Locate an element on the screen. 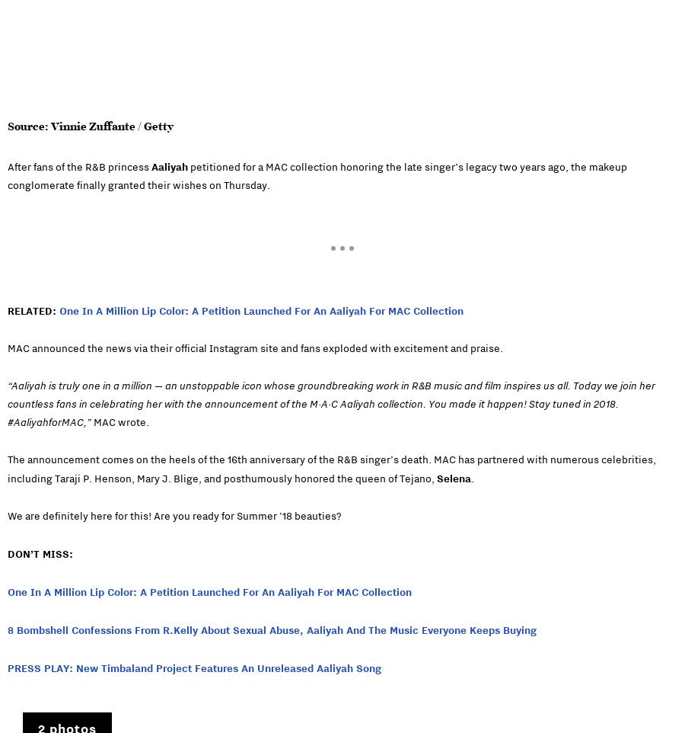  '.' is located at coordinates (473, 479).